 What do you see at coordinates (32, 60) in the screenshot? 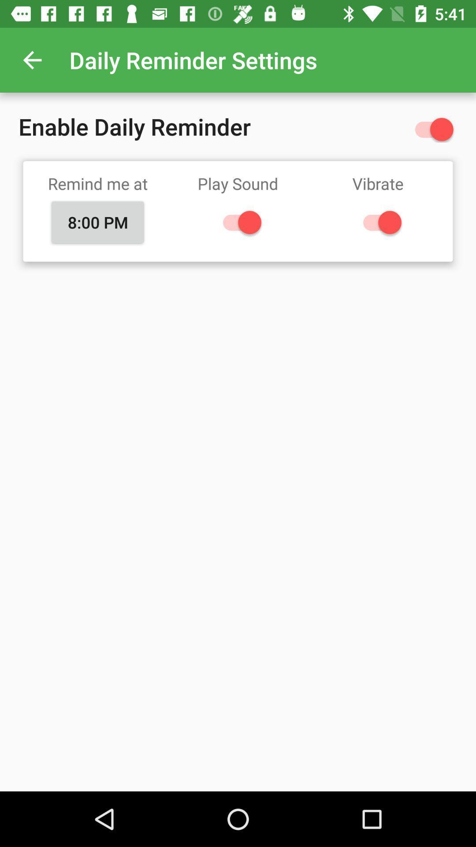
I see `item next to daily reminder settings item` at bounding box center [32, 60].